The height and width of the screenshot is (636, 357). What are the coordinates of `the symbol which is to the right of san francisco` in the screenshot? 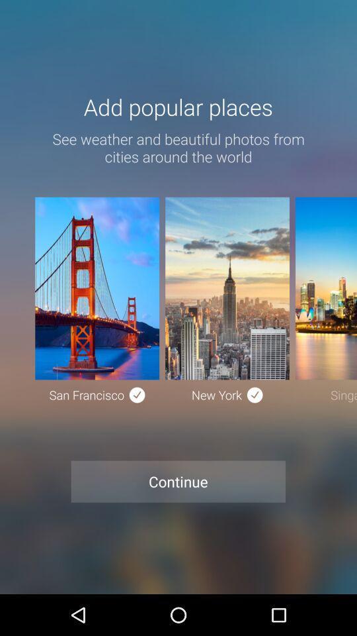 It's located at (136, 395).